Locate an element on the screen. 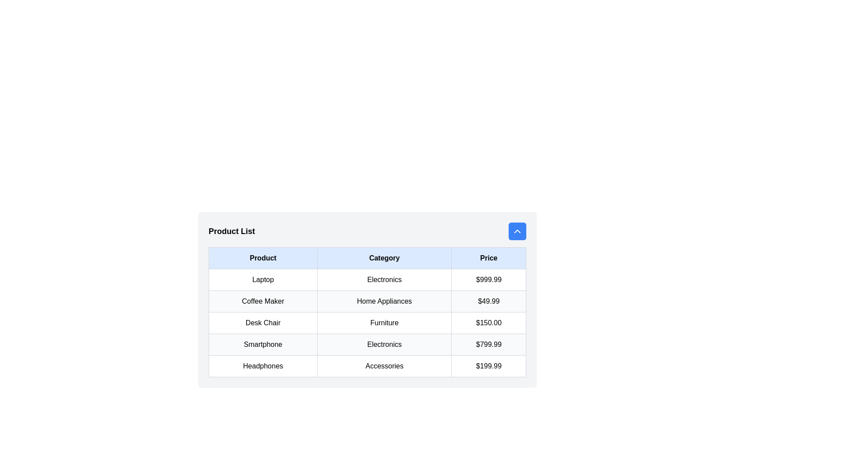  displayed price information from the Static Text Element located in the rightmost column of the first row under the 'Price' header in the product listing table is located at coordinates (488, 280).